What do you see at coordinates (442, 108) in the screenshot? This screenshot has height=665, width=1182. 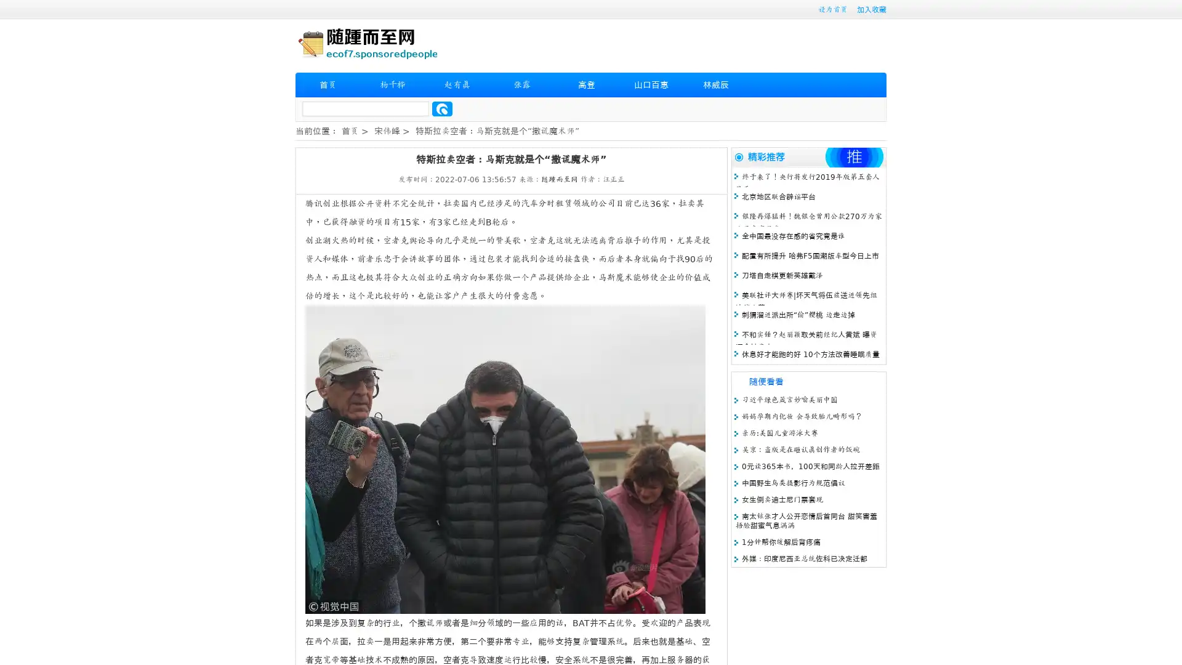 I see `Search` at bounding box center [442, 108].